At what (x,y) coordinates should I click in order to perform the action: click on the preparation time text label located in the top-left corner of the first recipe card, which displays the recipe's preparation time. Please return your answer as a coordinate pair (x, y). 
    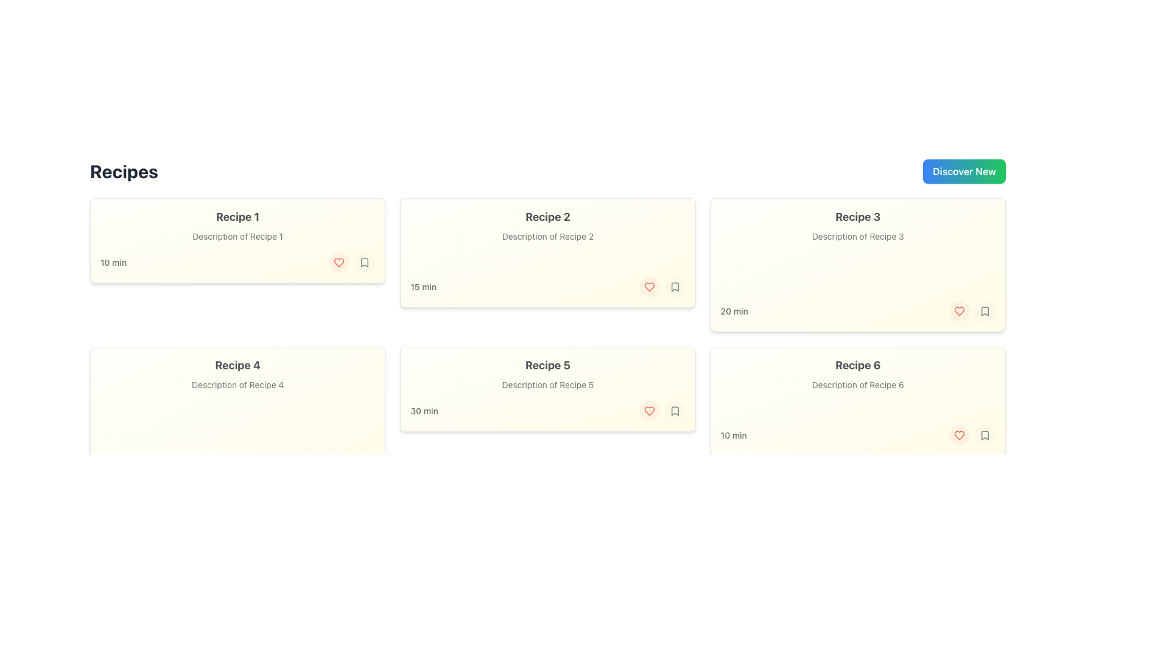
    Looking at the image, I should click on (113, 262).